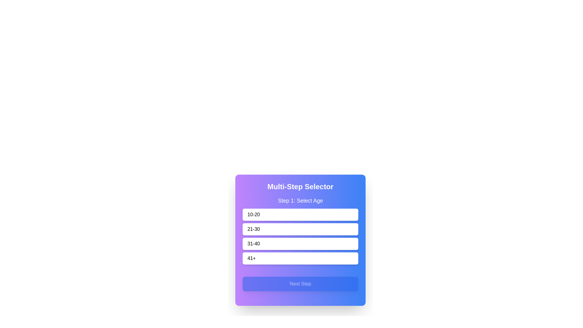 The width and height of the screenshot is (583, 328). Describe the element at coordinates (300, 243) in the screenshot. I see `the selectable option for the age range '31-40' in the age range selection interface` at that location.